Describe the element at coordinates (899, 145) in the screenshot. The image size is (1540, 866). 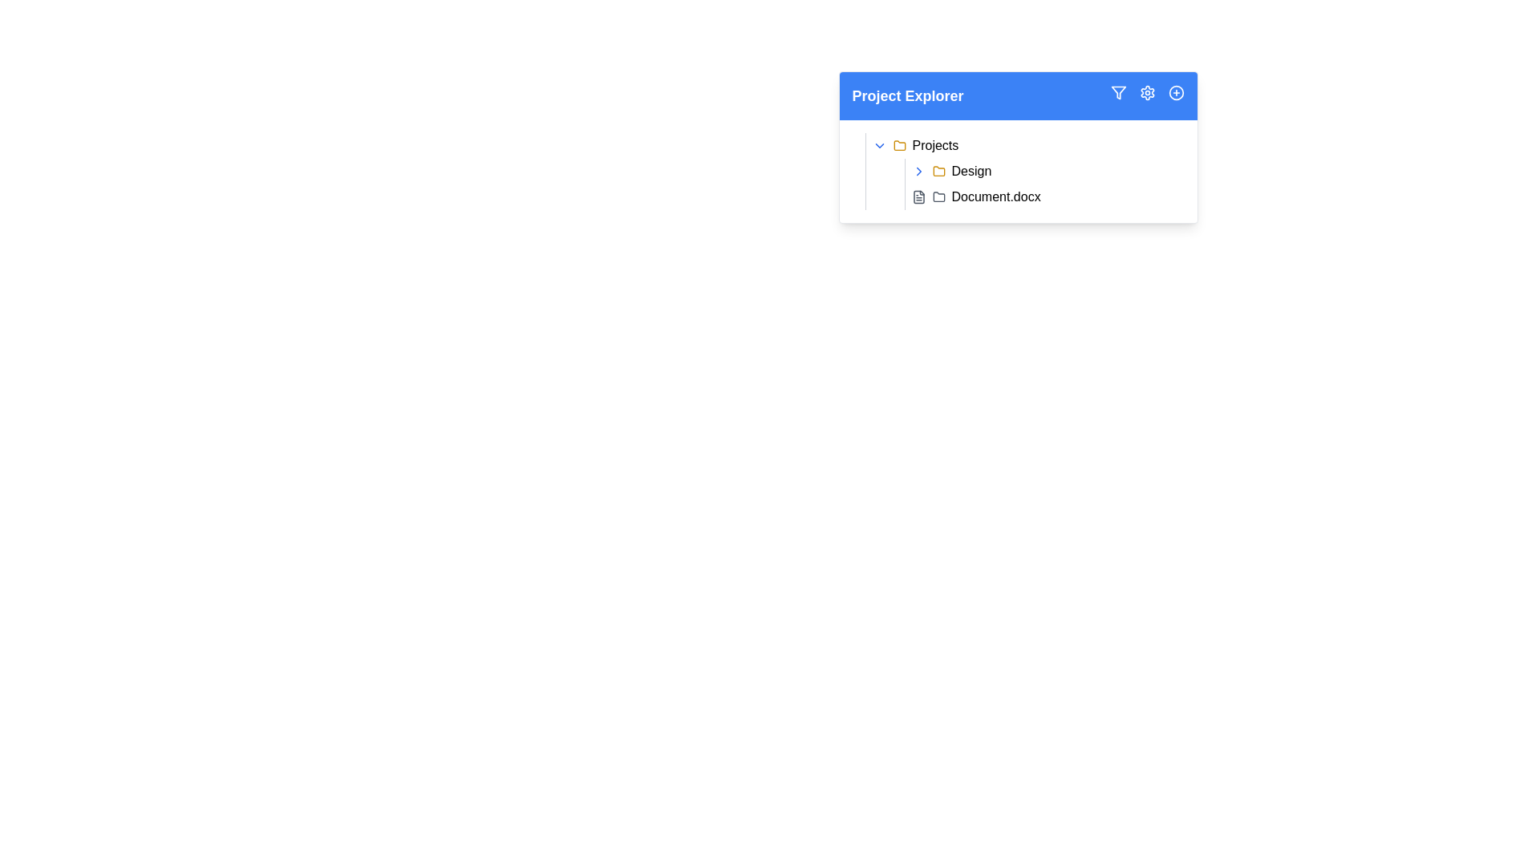
I see `the folder icon located to the left of the 'Projects' label in the 'Project Explorer' section by clicking on it` at that location.